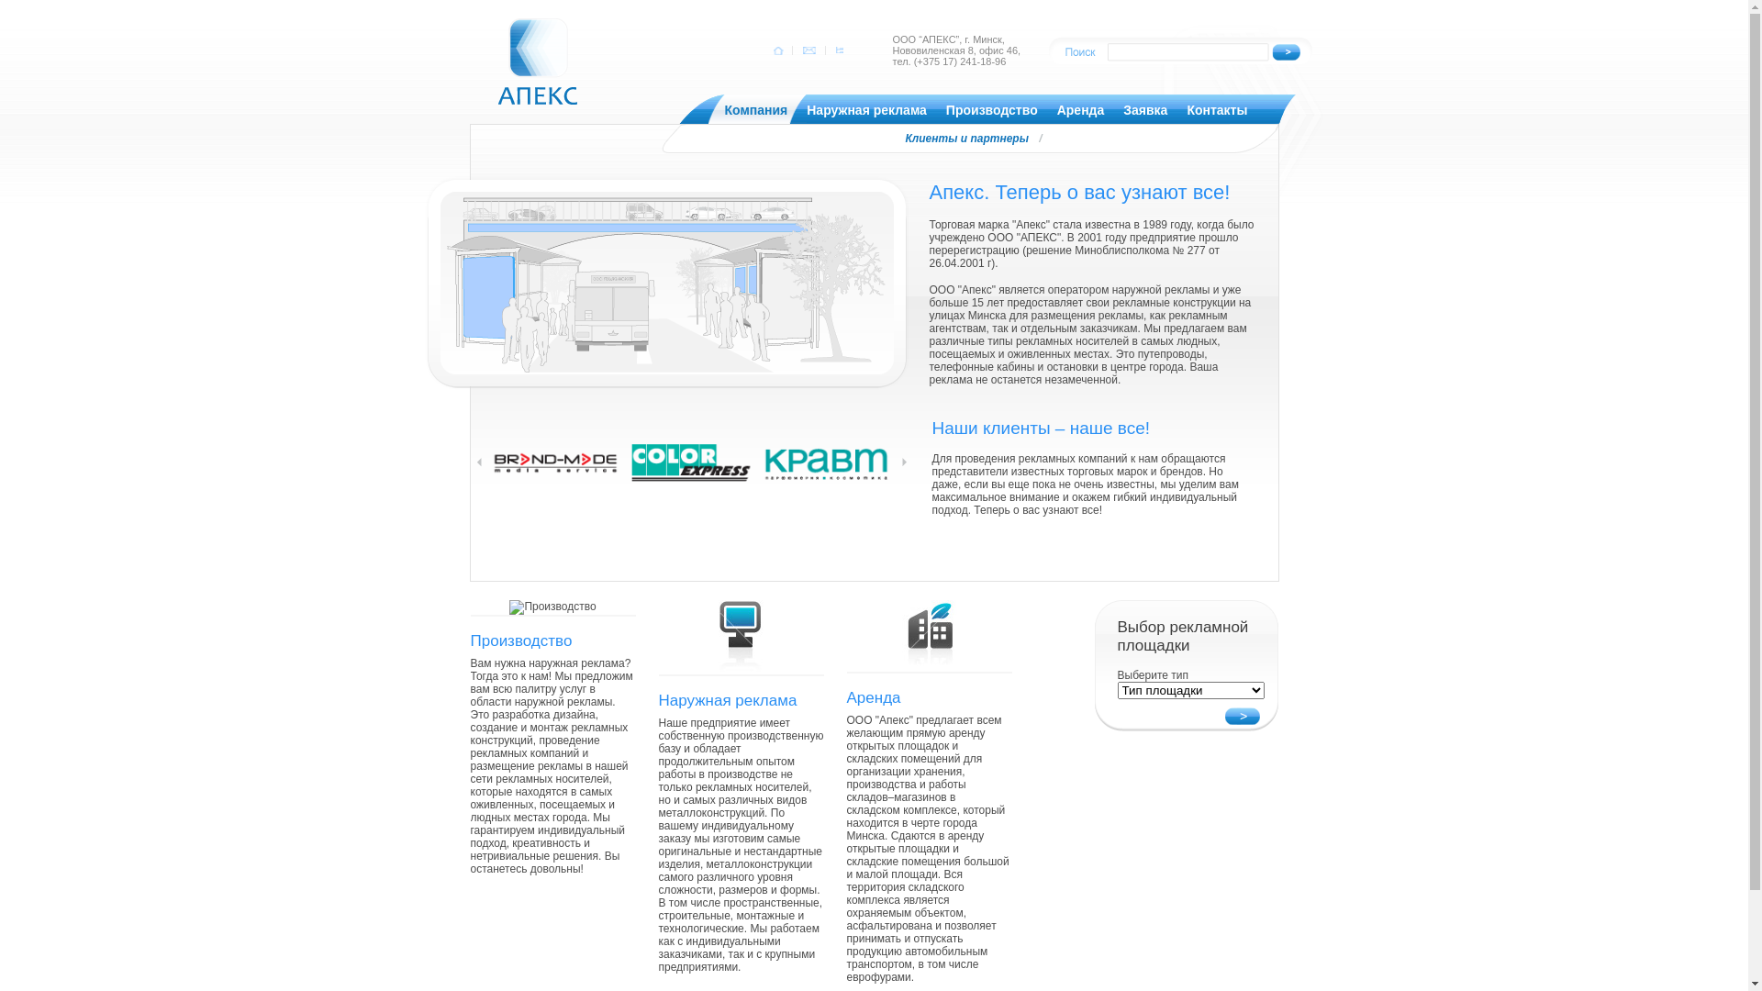 Image resolution: width=1762 pixels, height=991 pixels. Describe the element at coordinates (808, 49) in the screenshot. I see `' '` at that location.